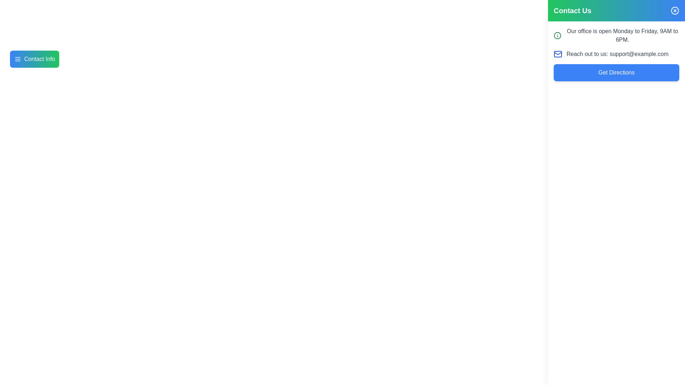 Image resolution: width=685 pixels, height=385 pixels. Describe the element at coordinates (17, 58) in the screenshot. I see `the icon representing navigation or expandable options located to the left of the 'Contact Info' button` at that location.